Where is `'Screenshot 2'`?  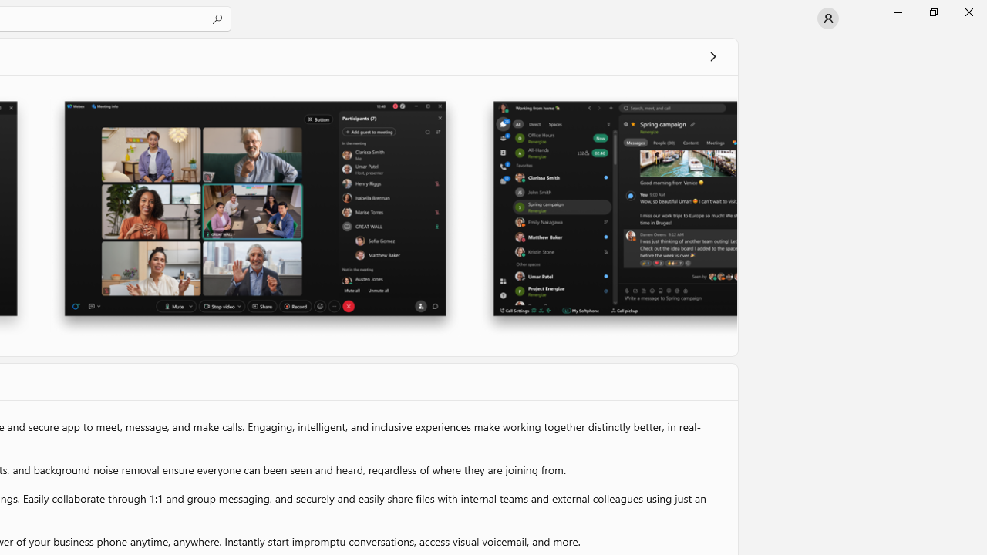
'Screenshot 2' is located at coordinates (254, 215).